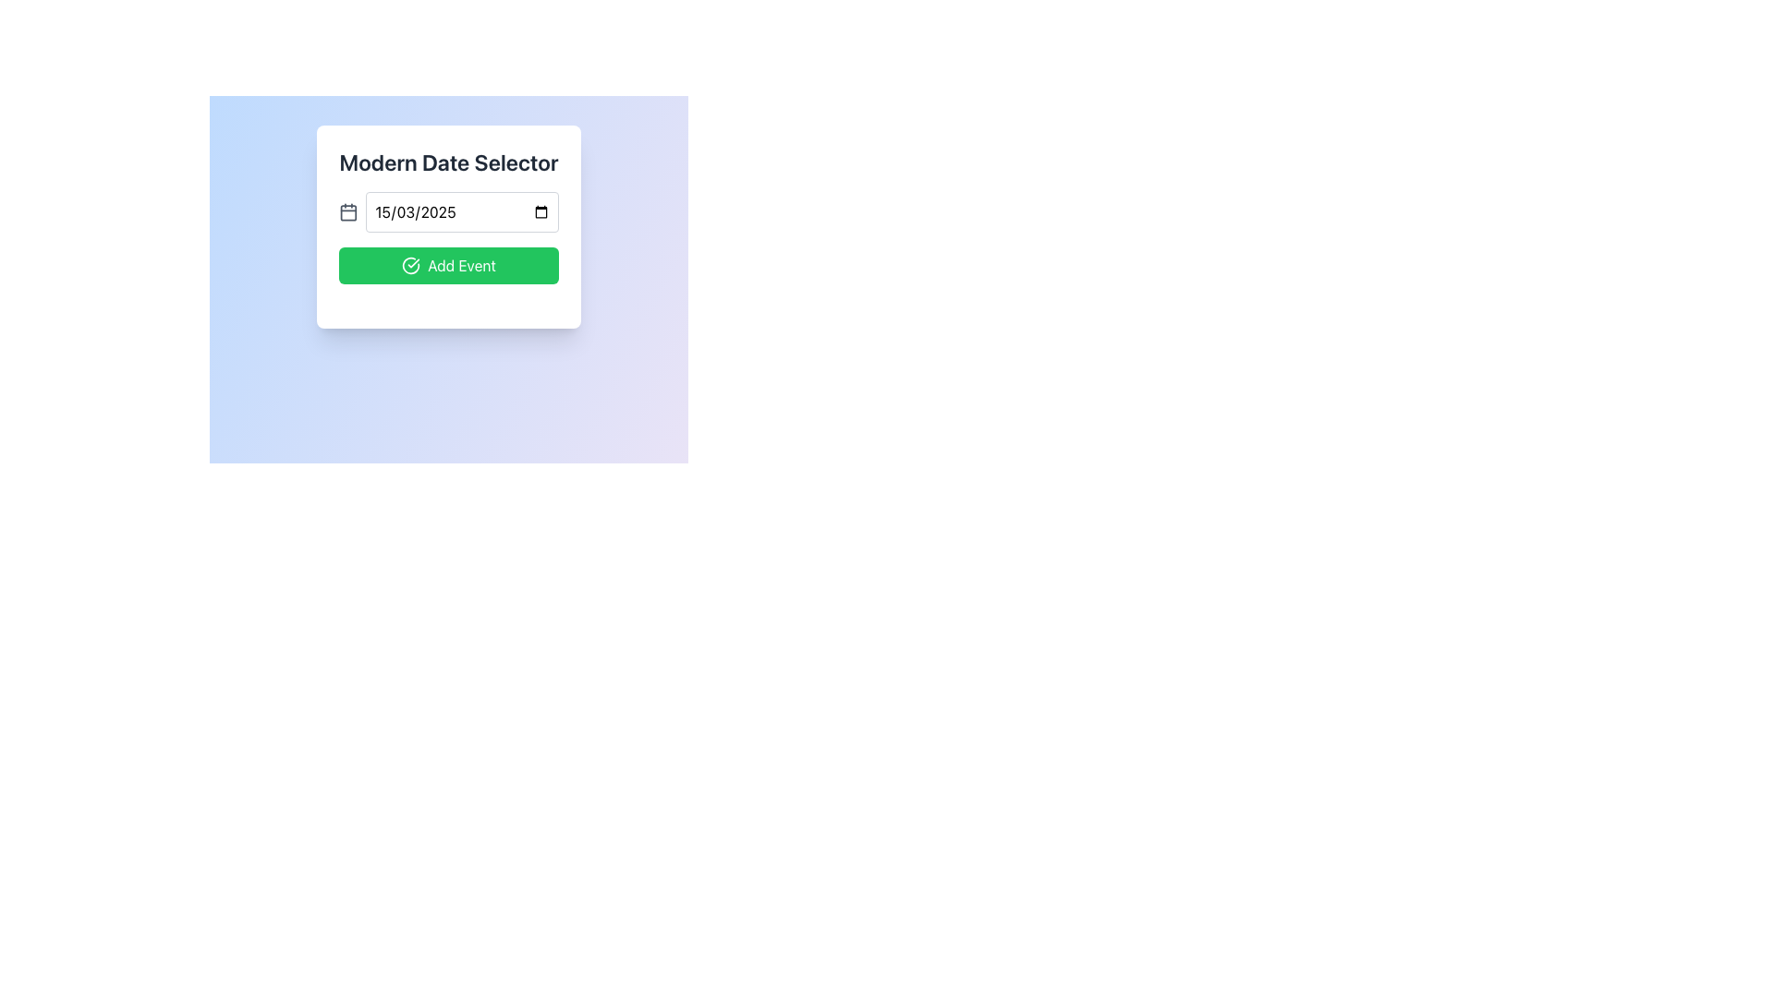 The height and width of the screenshot is (997, 1774). Describe the element at coordinates (348, 211) in the screenshot. I see `the calendar icon located on the left side of the date input field to focus on the related input field` at that location.